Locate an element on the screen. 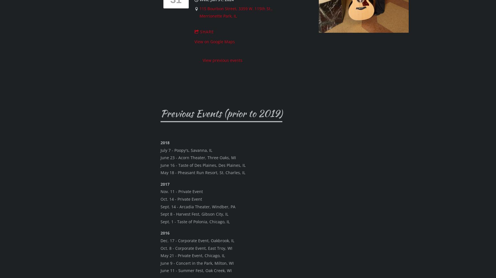  'Ballydoyle, Aurora, IL' is located at coordinates (197, 36).